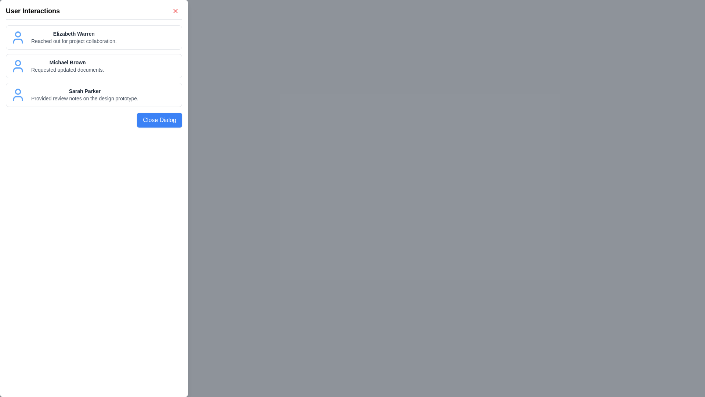 This screenshot has height=397, width=705. What do you see at coordinates (175, 11) in the screenshot?
I see `the close button (X) to close the dialog` at bounding box center [175, 11].